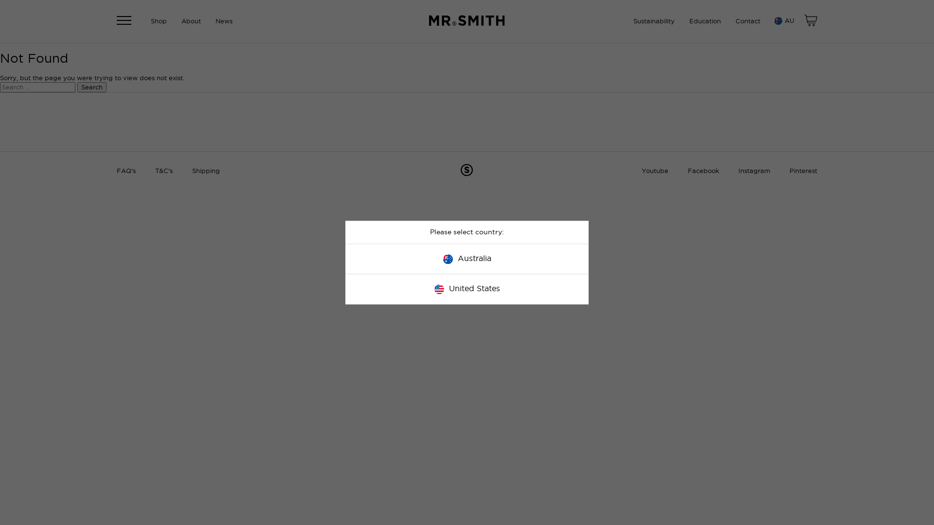  I want to click on 'Pinterest', so click(803, 170).